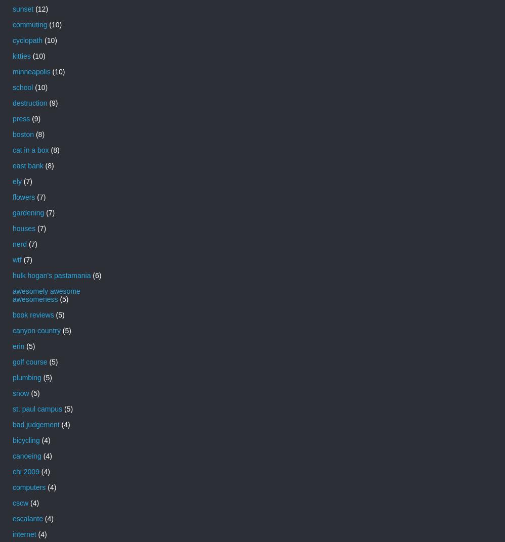 The height and width of the screenshot is (542, 505). What do you see at coordinates (13, 164) in the screenshot?
I see `'east bank'` at bounding box center [13, 164].